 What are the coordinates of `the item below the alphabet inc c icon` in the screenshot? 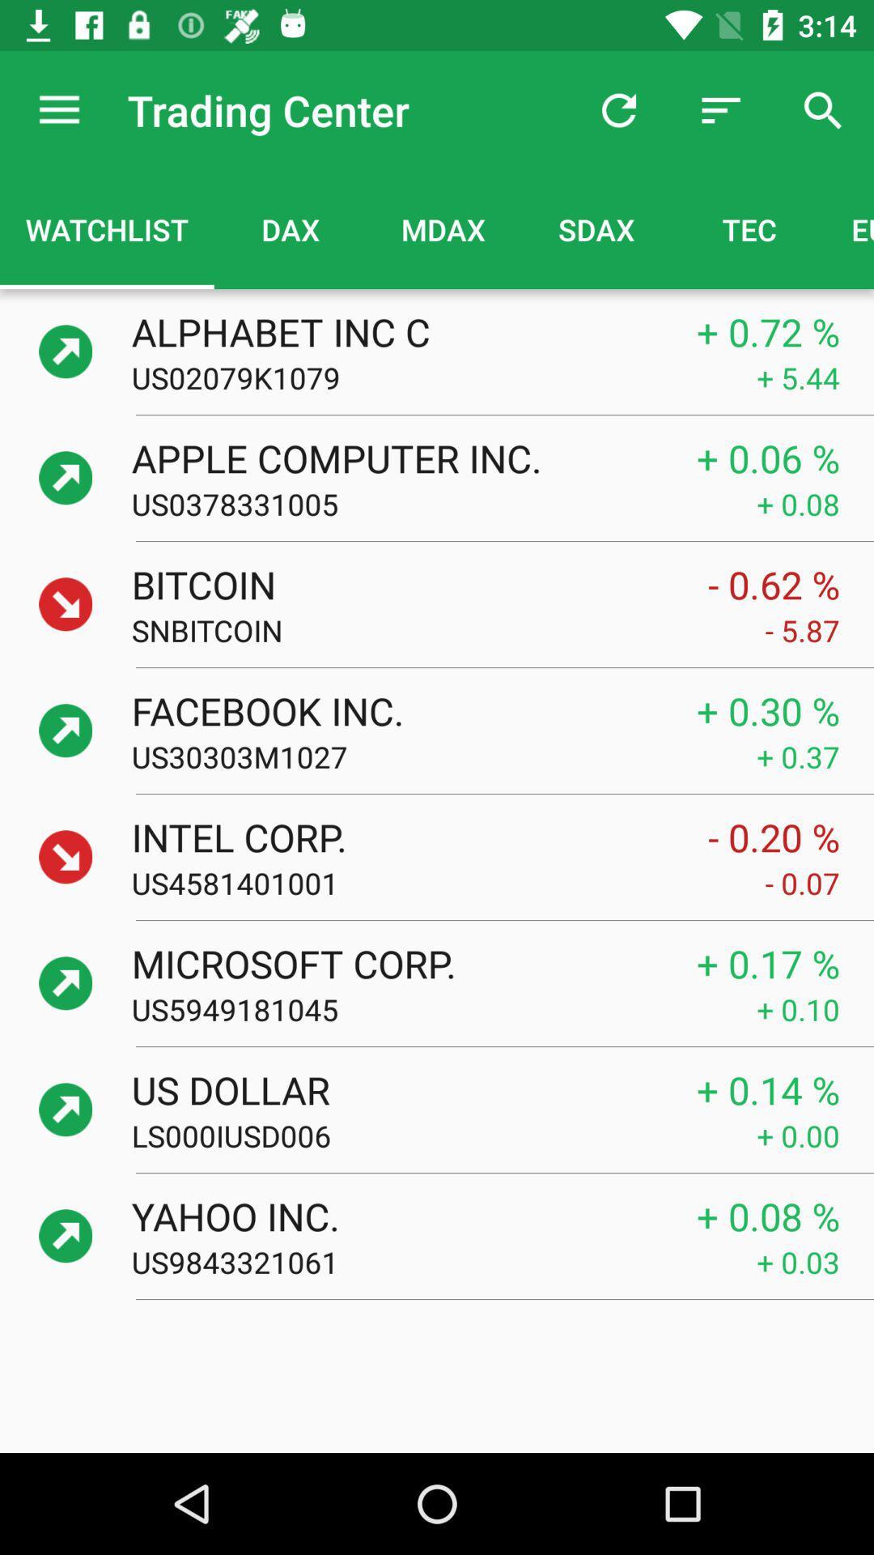 It's located at (443, 377).